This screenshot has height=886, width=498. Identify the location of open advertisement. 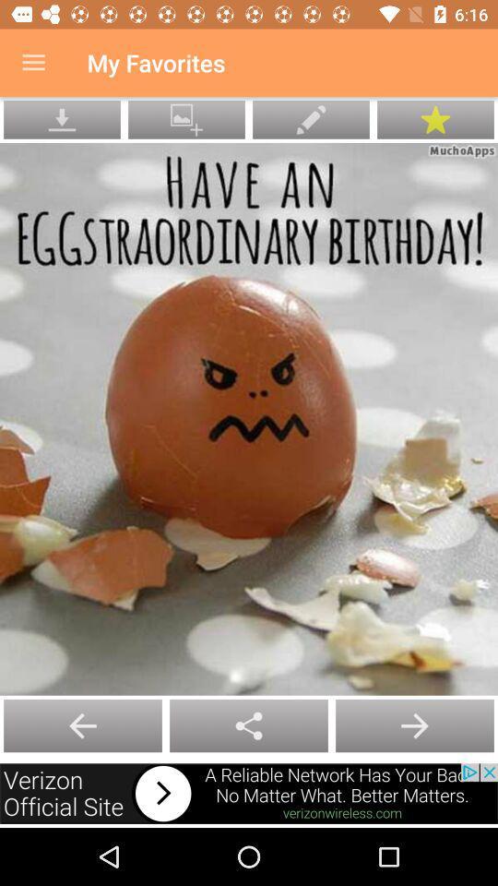
(249, 793).